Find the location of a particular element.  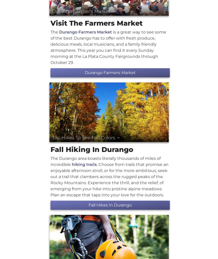

'Visit The Farmers Market' is located at coordinates (96, 23).